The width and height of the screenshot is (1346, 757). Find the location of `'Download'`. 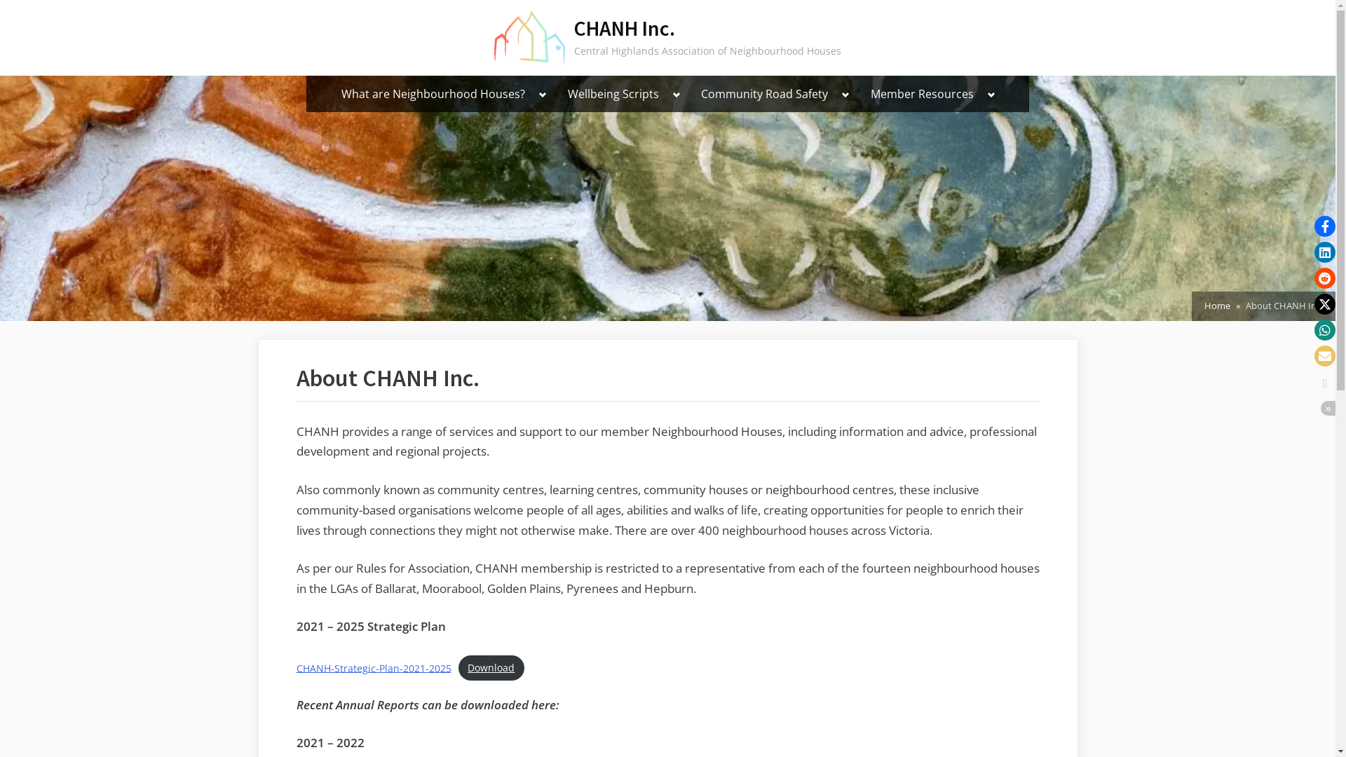

'Download' is located at coordinates (491, 667).